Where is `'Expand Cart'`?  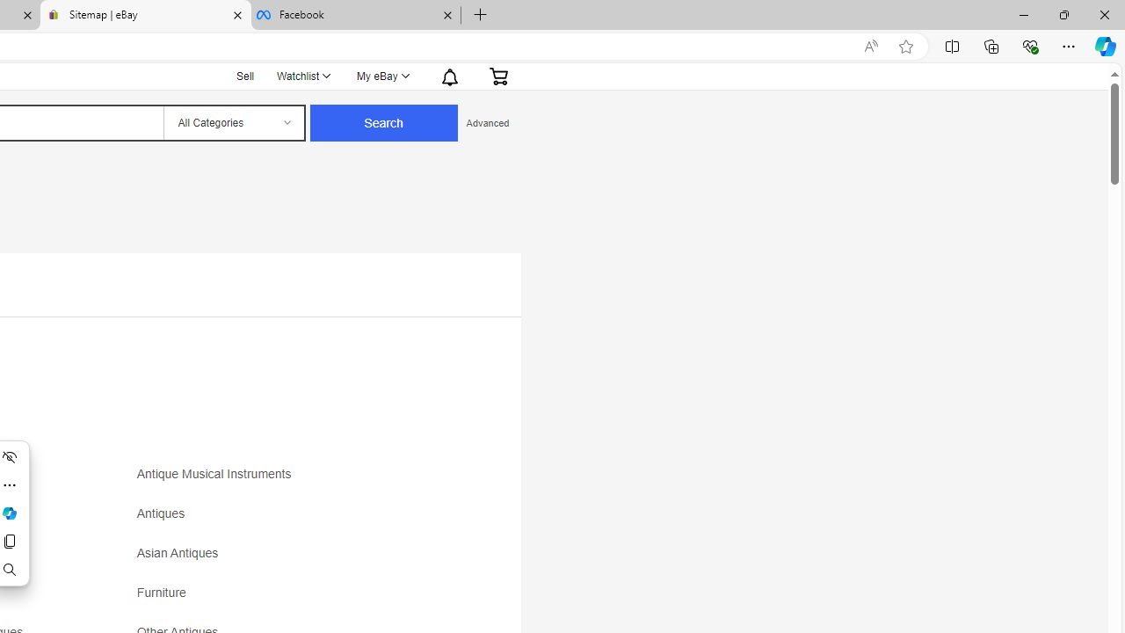 'Expand Cart' is located at coordinates (497, 75).